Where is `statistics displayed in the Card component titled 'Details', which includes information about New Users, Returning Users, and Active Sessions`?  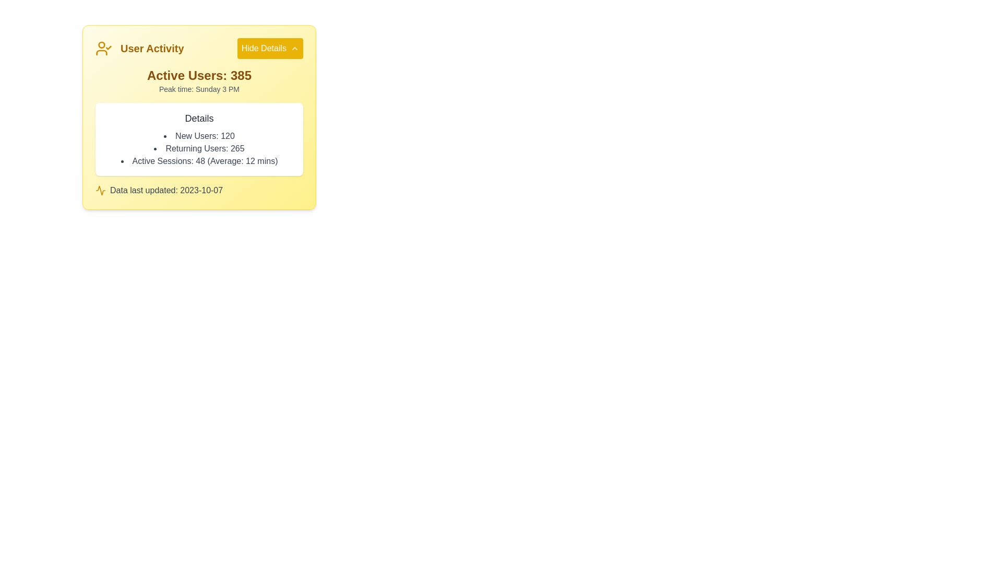 statistics displayed in the Card component titled 'Details', which includes information about New Users, Returning Users, and Active Sessions is located at coordinates (199, 138).